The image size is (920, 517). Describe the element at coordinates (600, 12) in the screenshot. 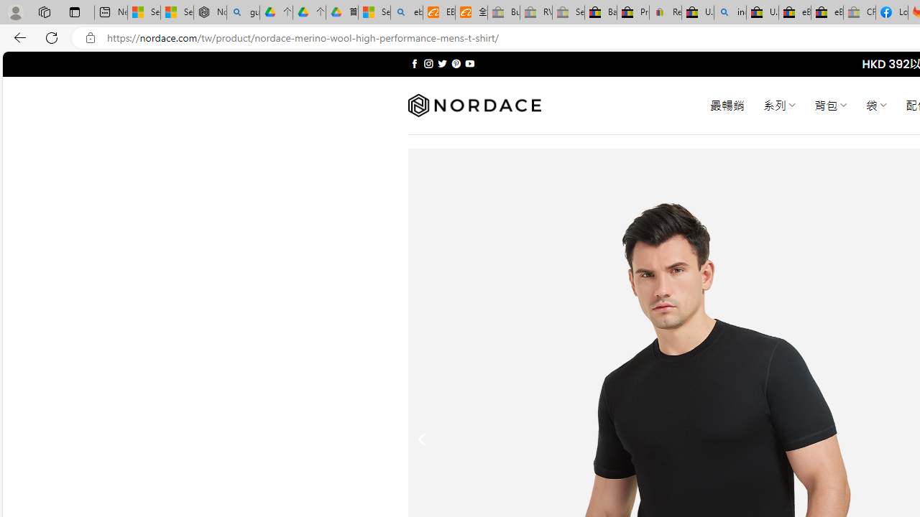

I see `'Baby Keepsakes & Announcements for sale | eBay'` at that location.